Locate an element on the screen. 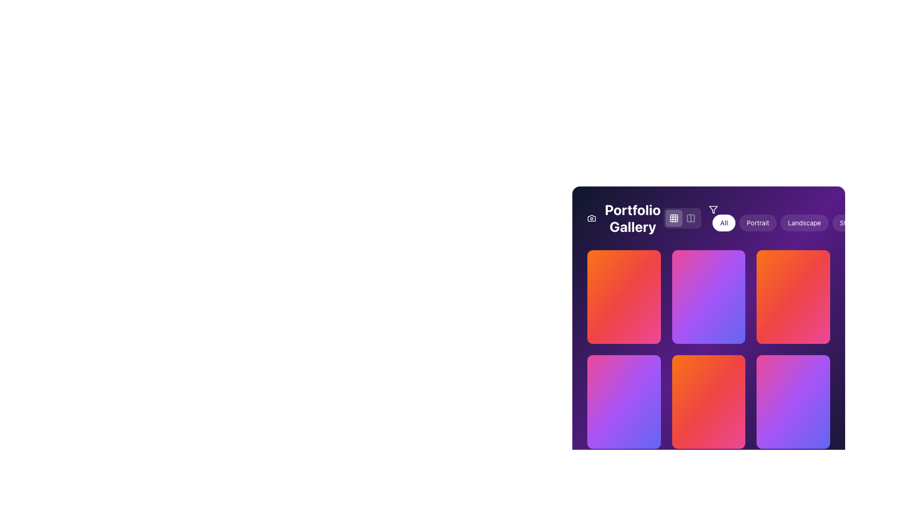  the camera icon located to the left of the 'Portfolio Gallery' text in the header section is located at coordinates (591, 218).